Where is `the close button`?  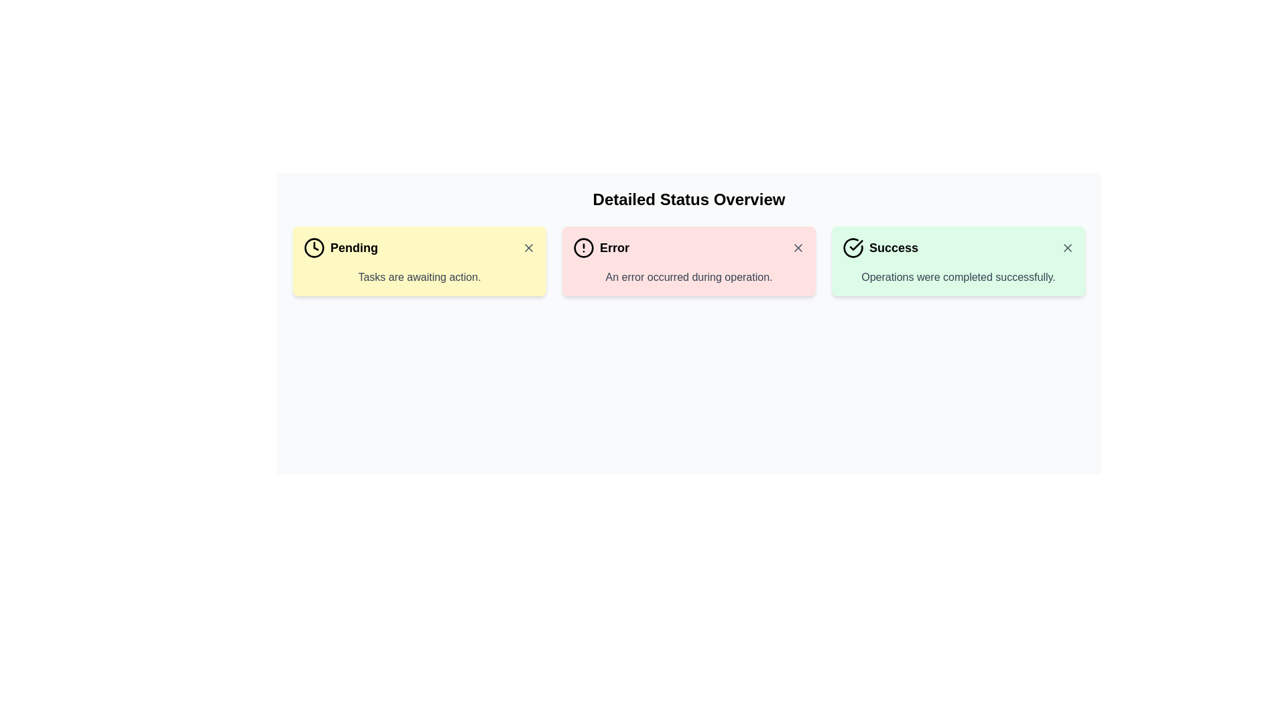
the close button is located at coordinates (1067, 248).